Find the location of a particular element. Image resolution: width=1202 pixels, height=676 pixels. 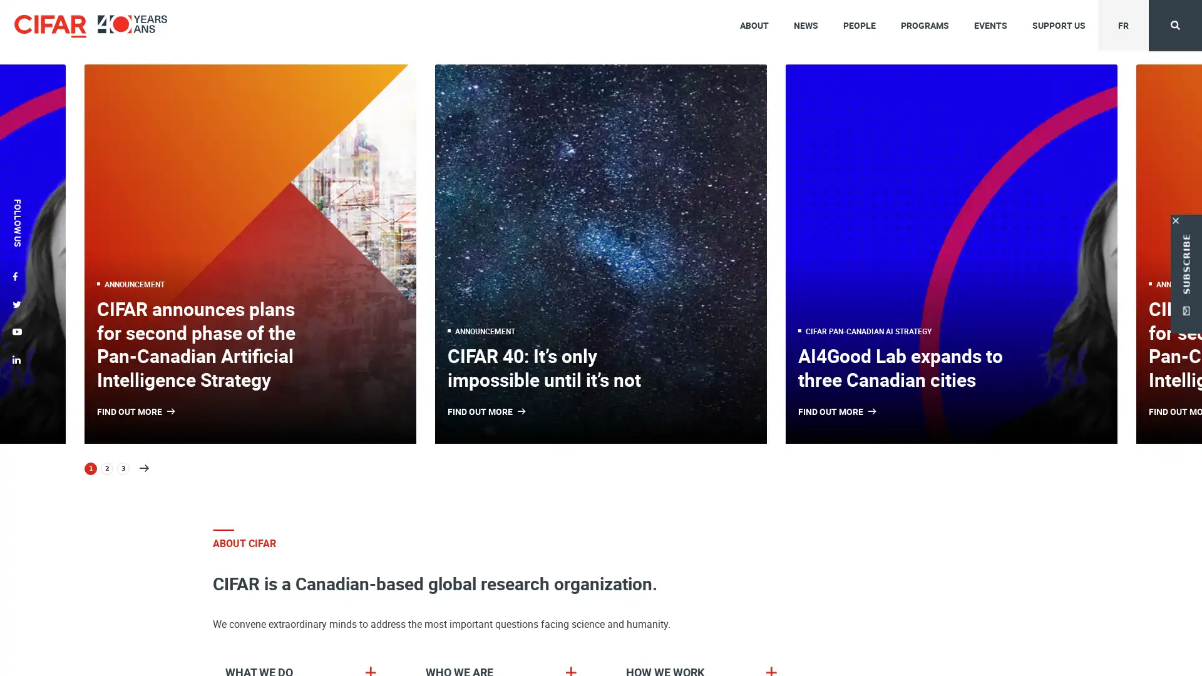

Next is located at coordinates (144, 468).